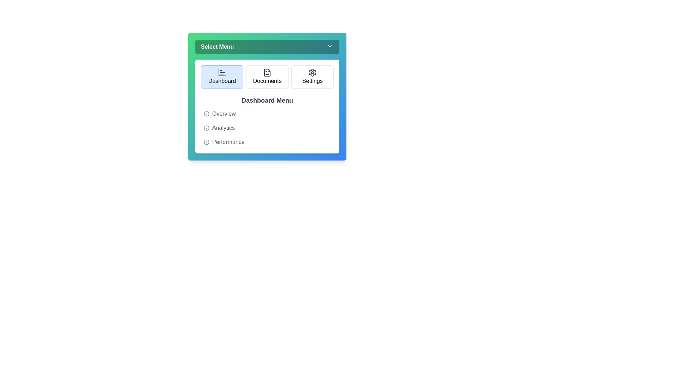 The image size is (678, 381). I want to click on the small triangular downward-pointing chevron icon located at the far right end of the green header bar labeled 'Select Menu', so click(330, 46).